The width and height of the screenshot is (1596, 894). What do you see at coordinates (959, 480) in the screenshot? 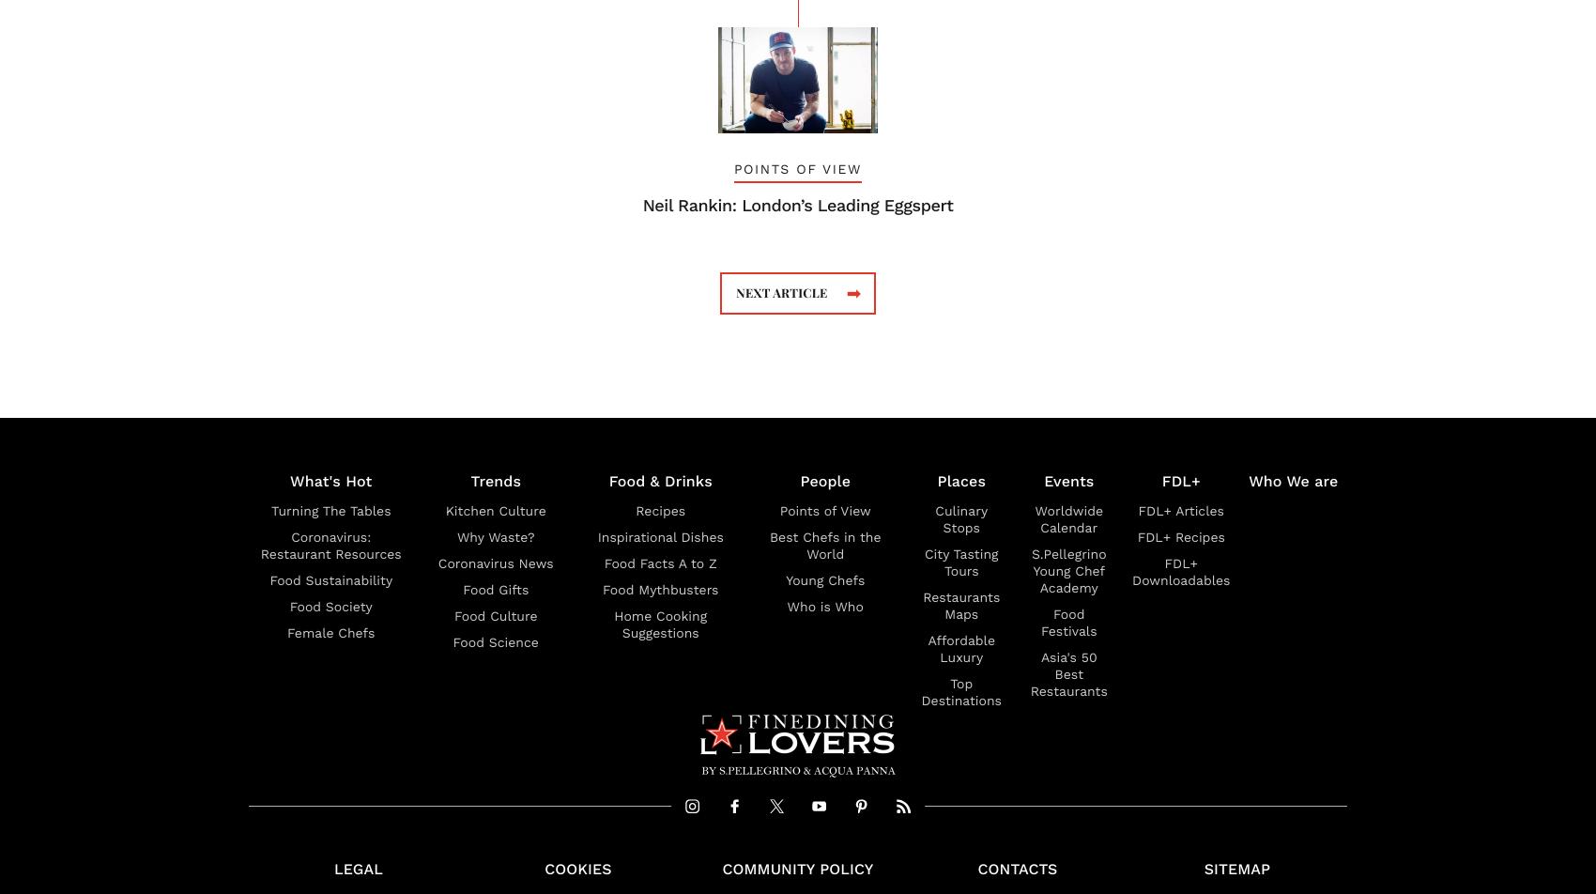
I see `'Places'` at bounding box center [959, 480].